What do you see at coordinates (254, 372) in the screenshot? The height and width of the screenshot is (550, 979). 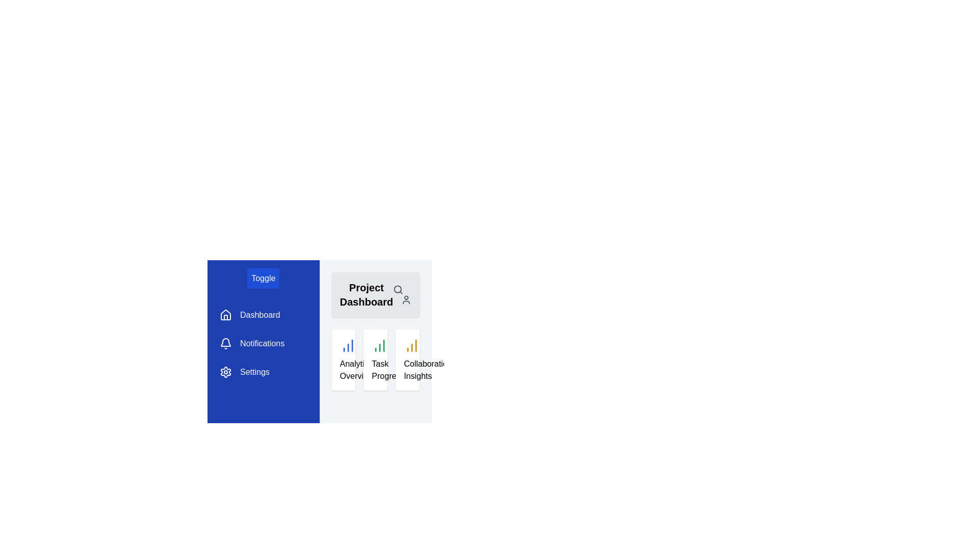 I see `the 'Settings' text label in the vertical navigation menu, which is styled in a white sans-serif font against a blue background, located below the 'Notifications' option` at bounding box center [254, 372].